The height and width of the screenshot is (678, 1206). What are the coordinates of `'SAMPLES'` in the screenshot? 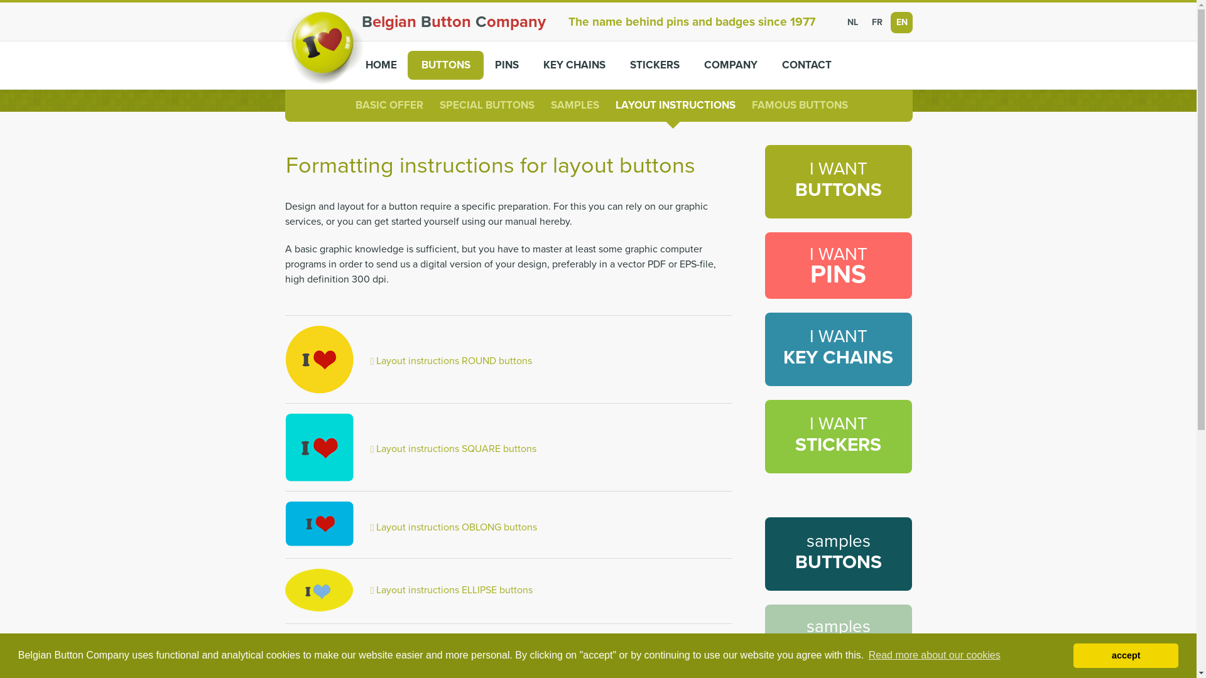 It's located at (574, 105).